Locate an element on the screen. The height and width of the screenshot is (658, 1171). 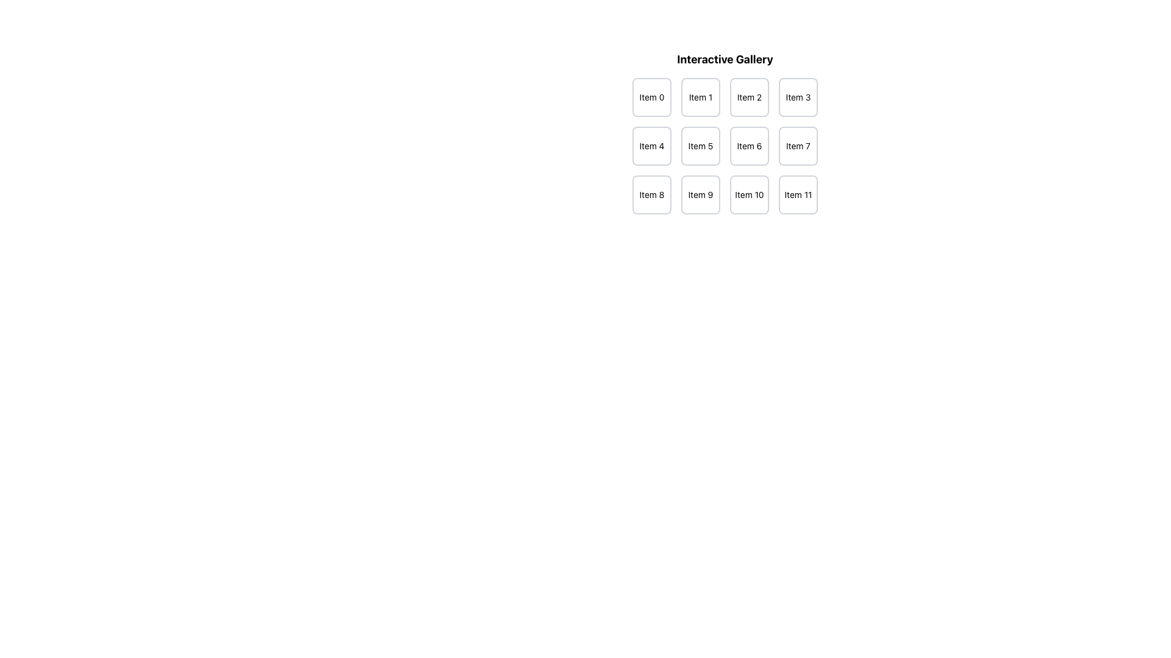
the 'Item 11' button located is located at coordinates (798, 194).